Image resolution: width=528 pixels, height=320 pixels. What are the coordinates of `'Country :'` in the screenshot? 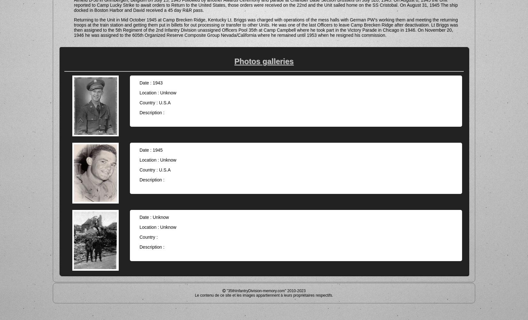 It's located at (139, 236).